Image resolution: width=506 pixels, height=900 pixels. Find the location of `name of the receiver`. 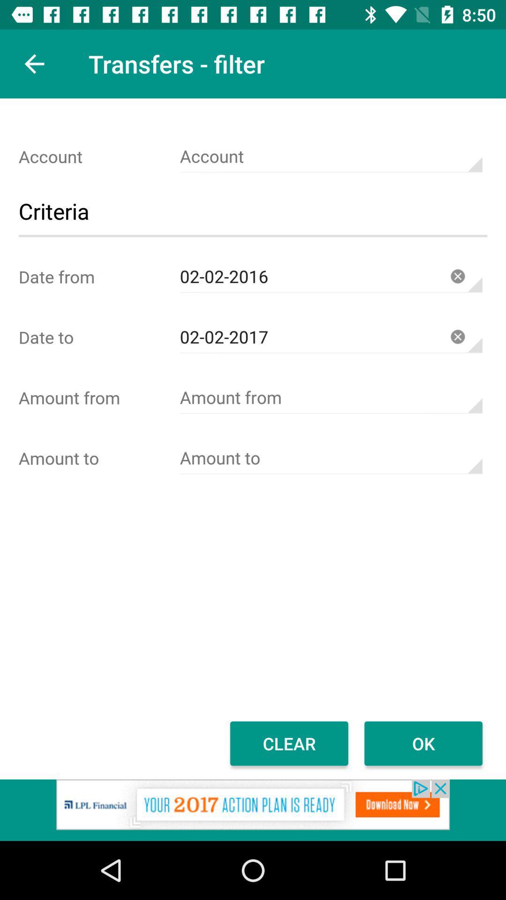

name of the receiver is located at coordinates (330, 458).